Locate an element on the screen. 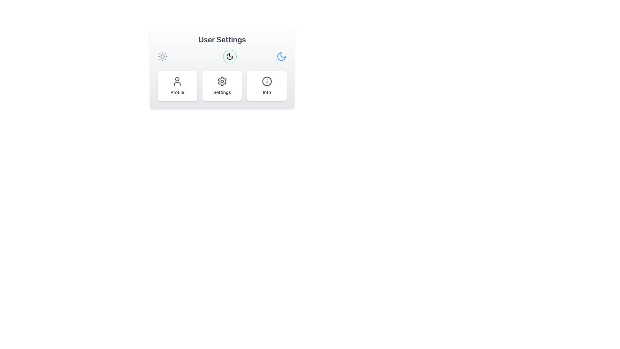 This screenshot has width=620, height=349. the crescent part of the moon icon located in the top-right section of the User Settings interface is located at coordinates (230, 56).